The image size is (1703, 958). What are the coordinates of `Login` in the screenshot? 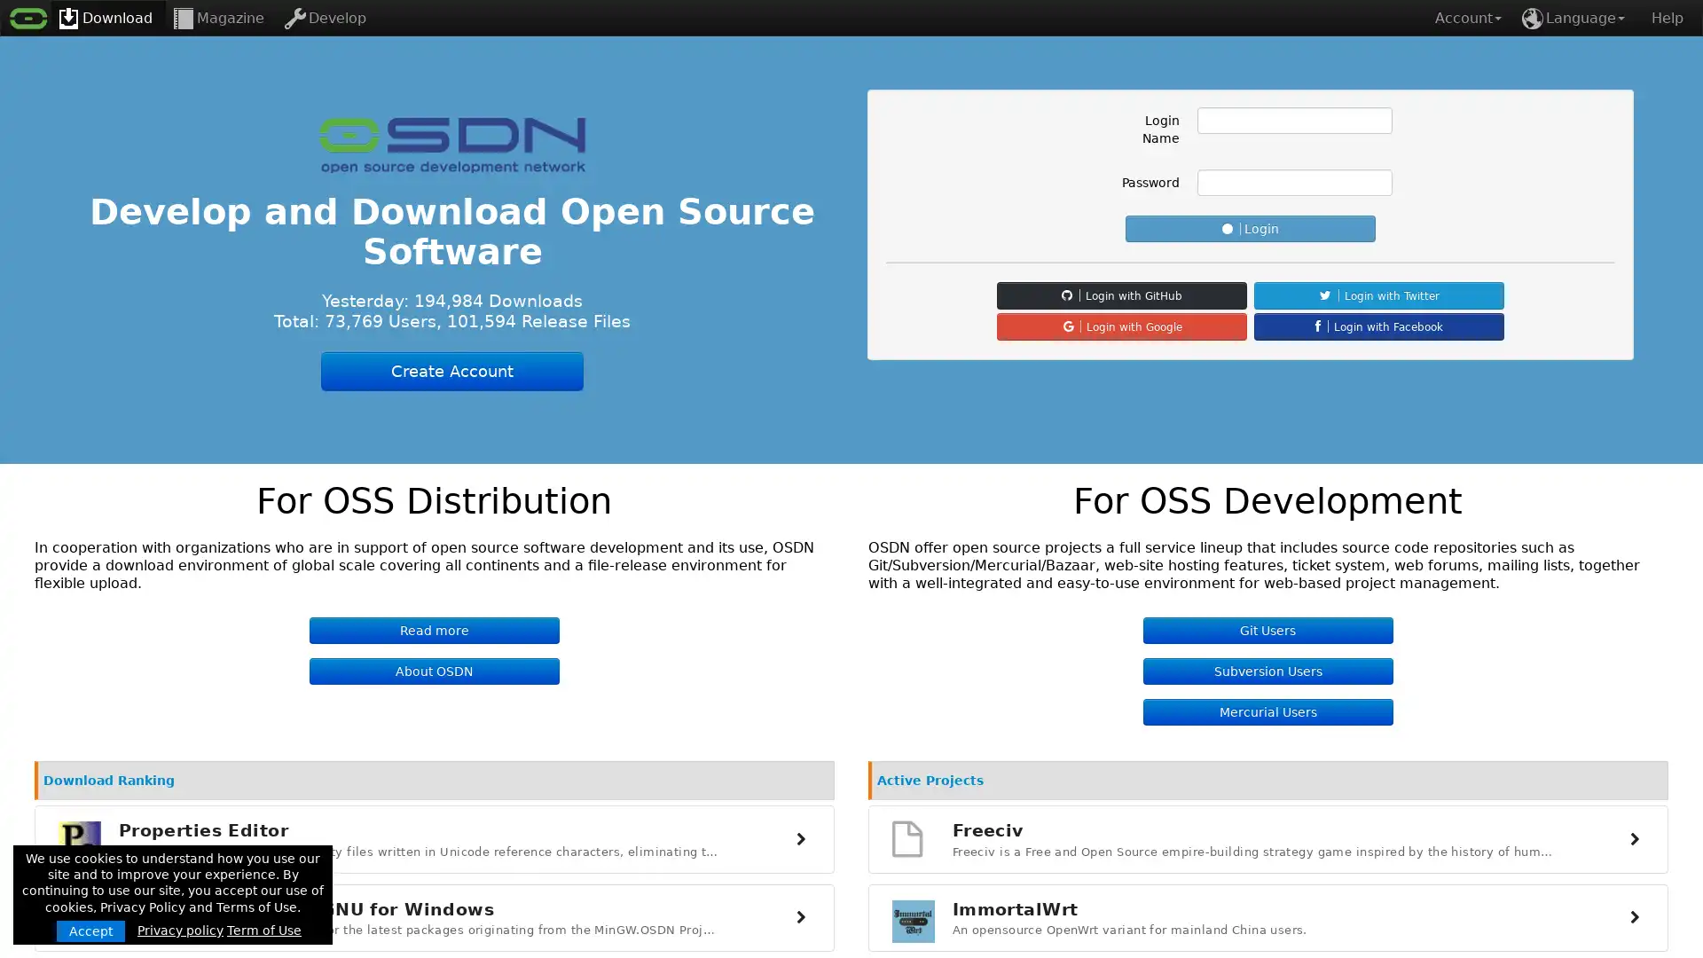 It's located at (1250, 228).